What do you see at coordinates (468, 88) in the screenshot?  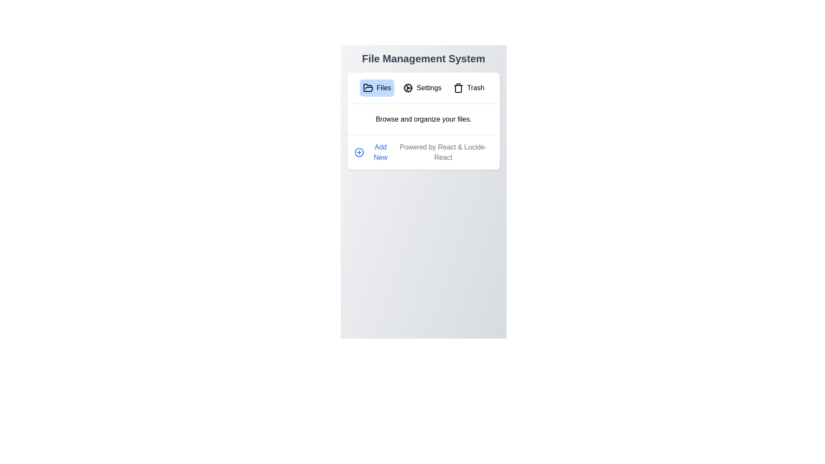 I see `the Trash tab by clicking on its corresponding button` at bounding box center [468, 88].